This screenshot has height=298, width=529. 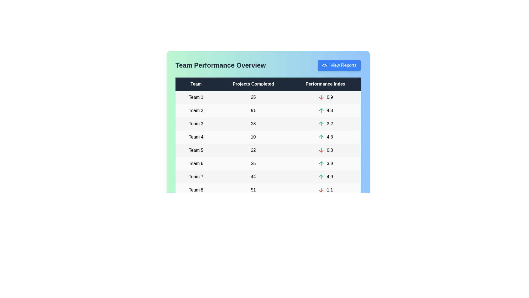 What do you see at coordinates (196, 84) in the screenshot?
I see `the table header to sort the table by Team column` at bounding box center [196, 84].